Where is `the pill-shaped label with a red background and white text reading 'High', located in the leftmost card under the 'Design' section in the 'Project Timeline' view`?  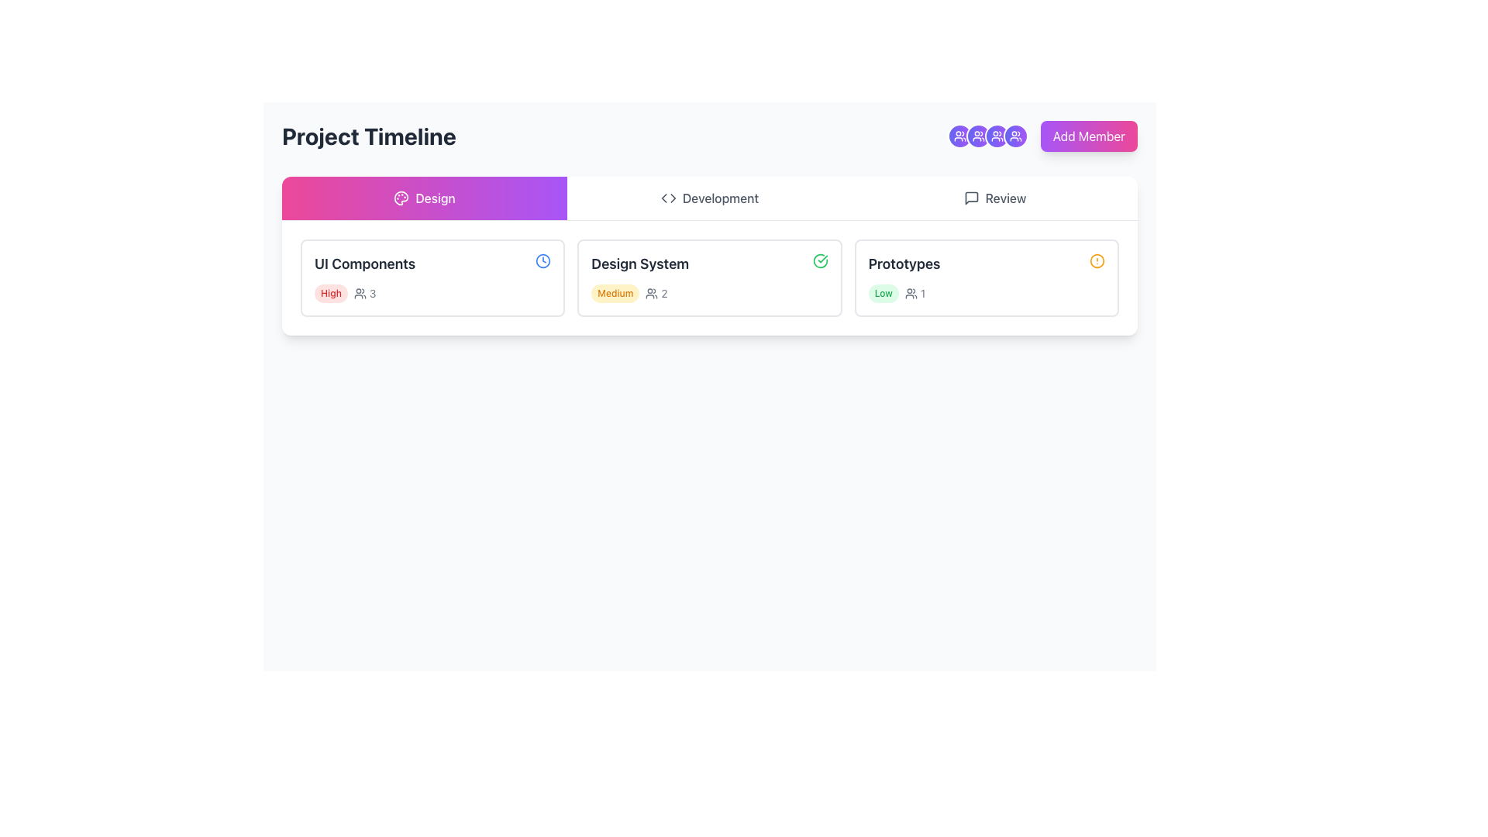 the pill-shaped label with a red background and white text reading 'High', located in the leftmost card under the 'Design' section in the 'Project Timeline' view is located at coordinates (330, 293).